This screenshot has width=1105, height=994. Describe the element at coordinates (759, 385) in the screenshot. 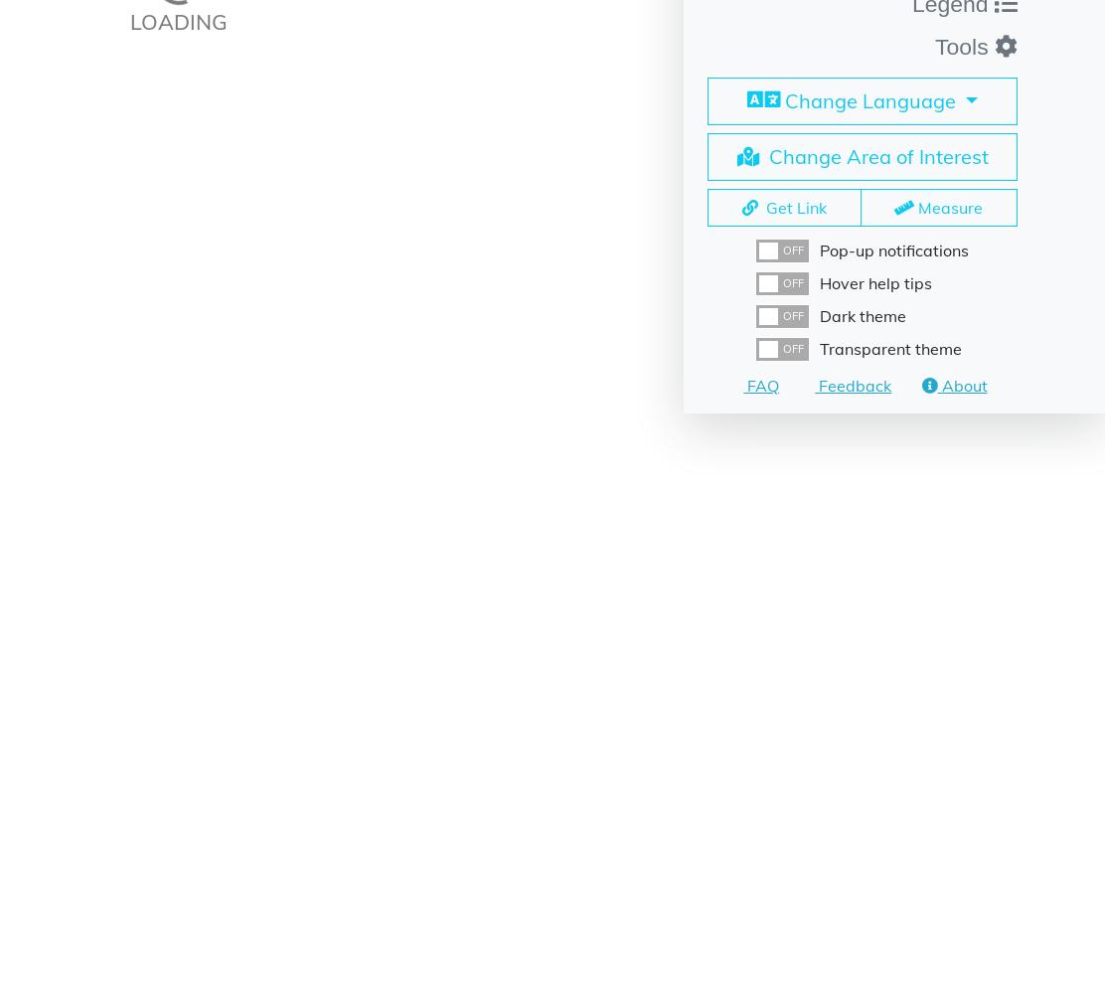

I see `'FAQ'` at that location.